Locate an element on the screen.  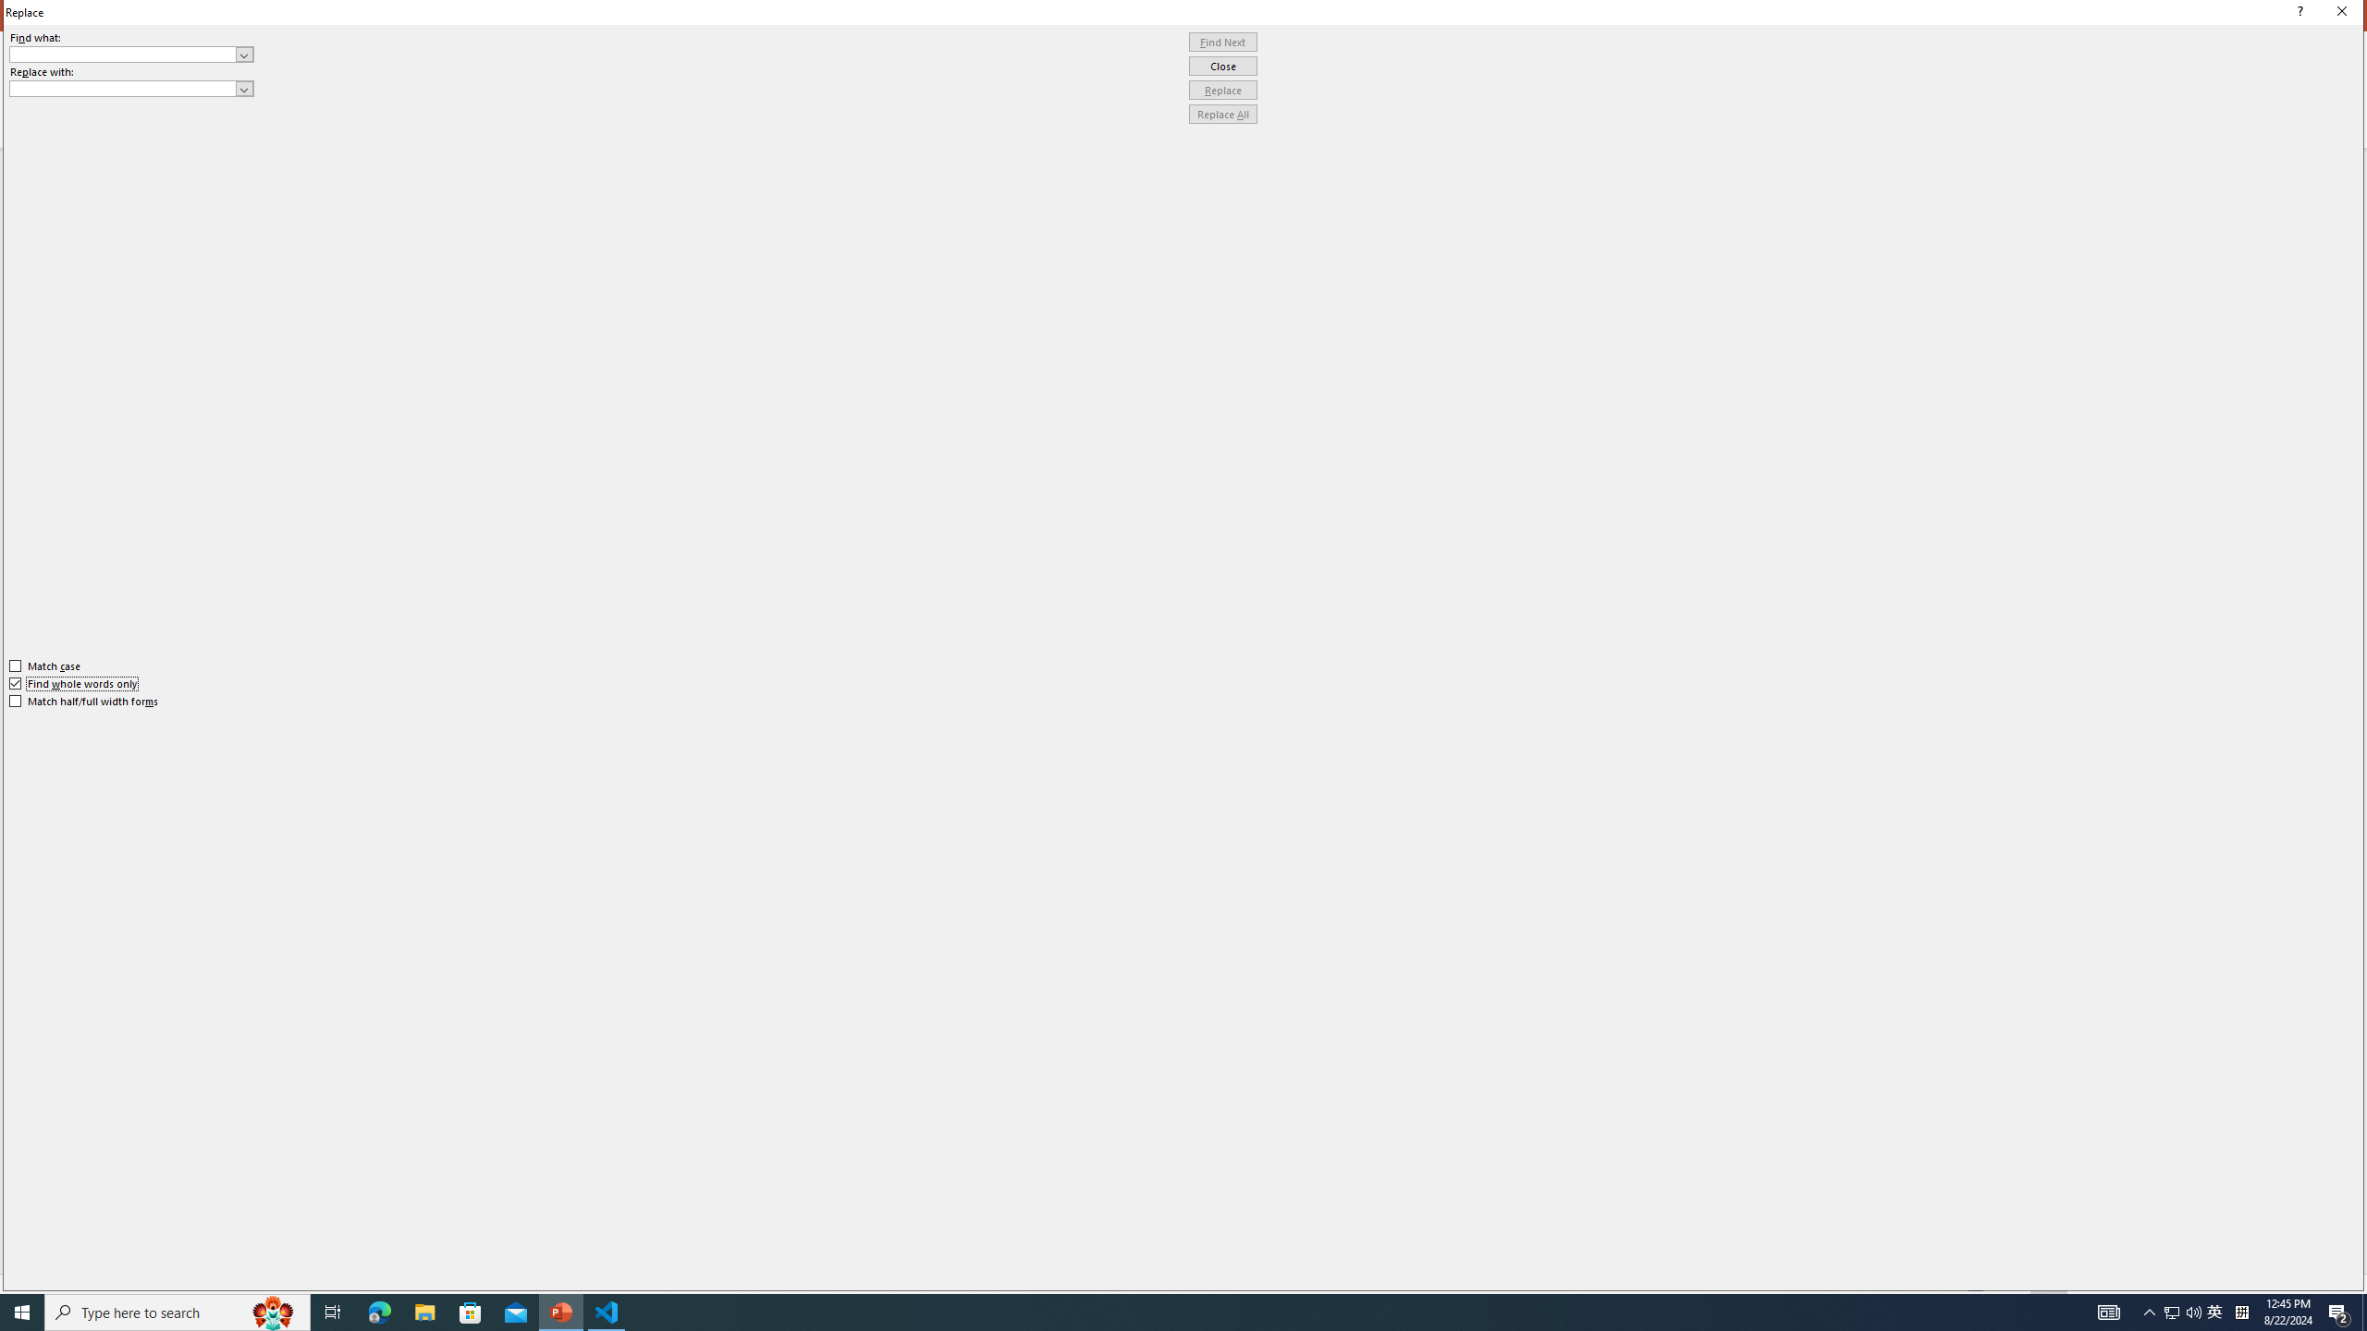
'Match case' is located at coordinates (44, 665).